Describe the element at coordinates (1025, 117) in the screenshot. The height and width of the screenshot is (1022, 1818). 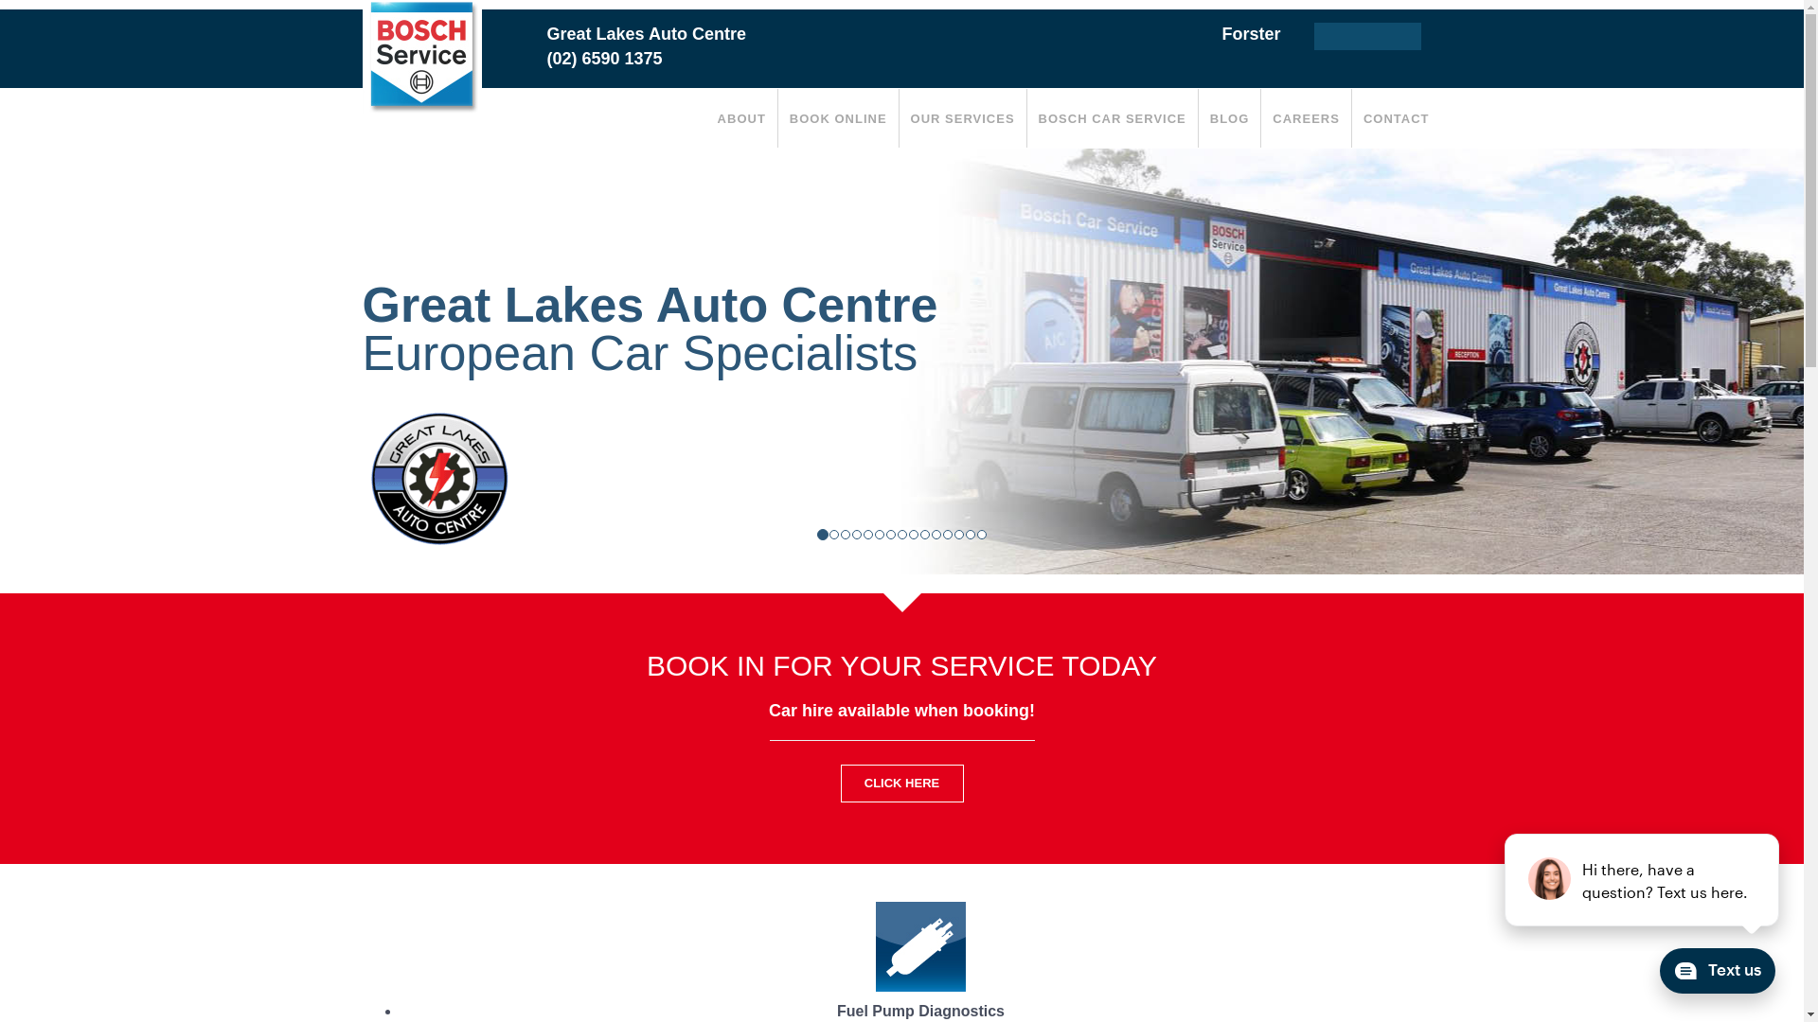
I see `'BOSCH CAR SERVICE'` at that location.